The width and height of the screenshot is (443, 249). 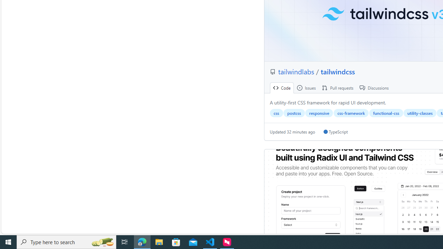 What do you see at coordinates (419, 113) in the screenshot?
I see `'utility-classes'` at bounding box center [419, 113].